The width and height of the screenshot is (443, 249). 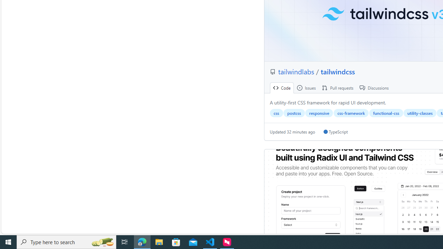 What do you see at coordinates (419, 113) in the screenshot?
I see `'utility-classes'` at bounding box center [419, 113].